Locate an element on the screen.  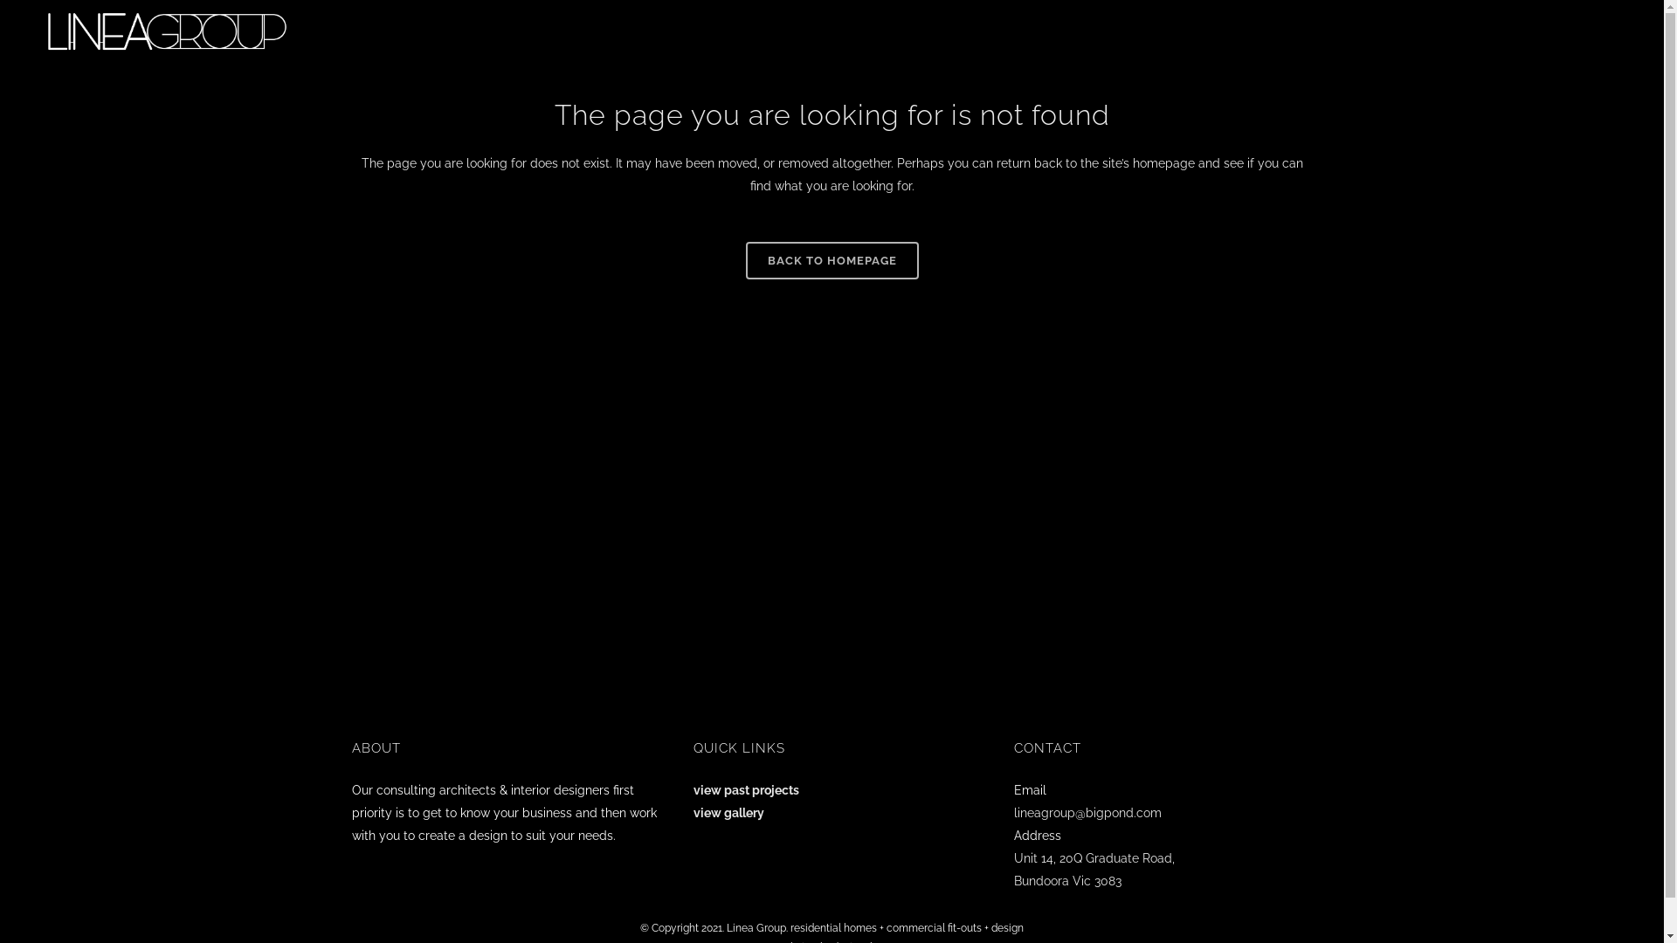
'Past Projects' is located at coordinates (1419, 30).